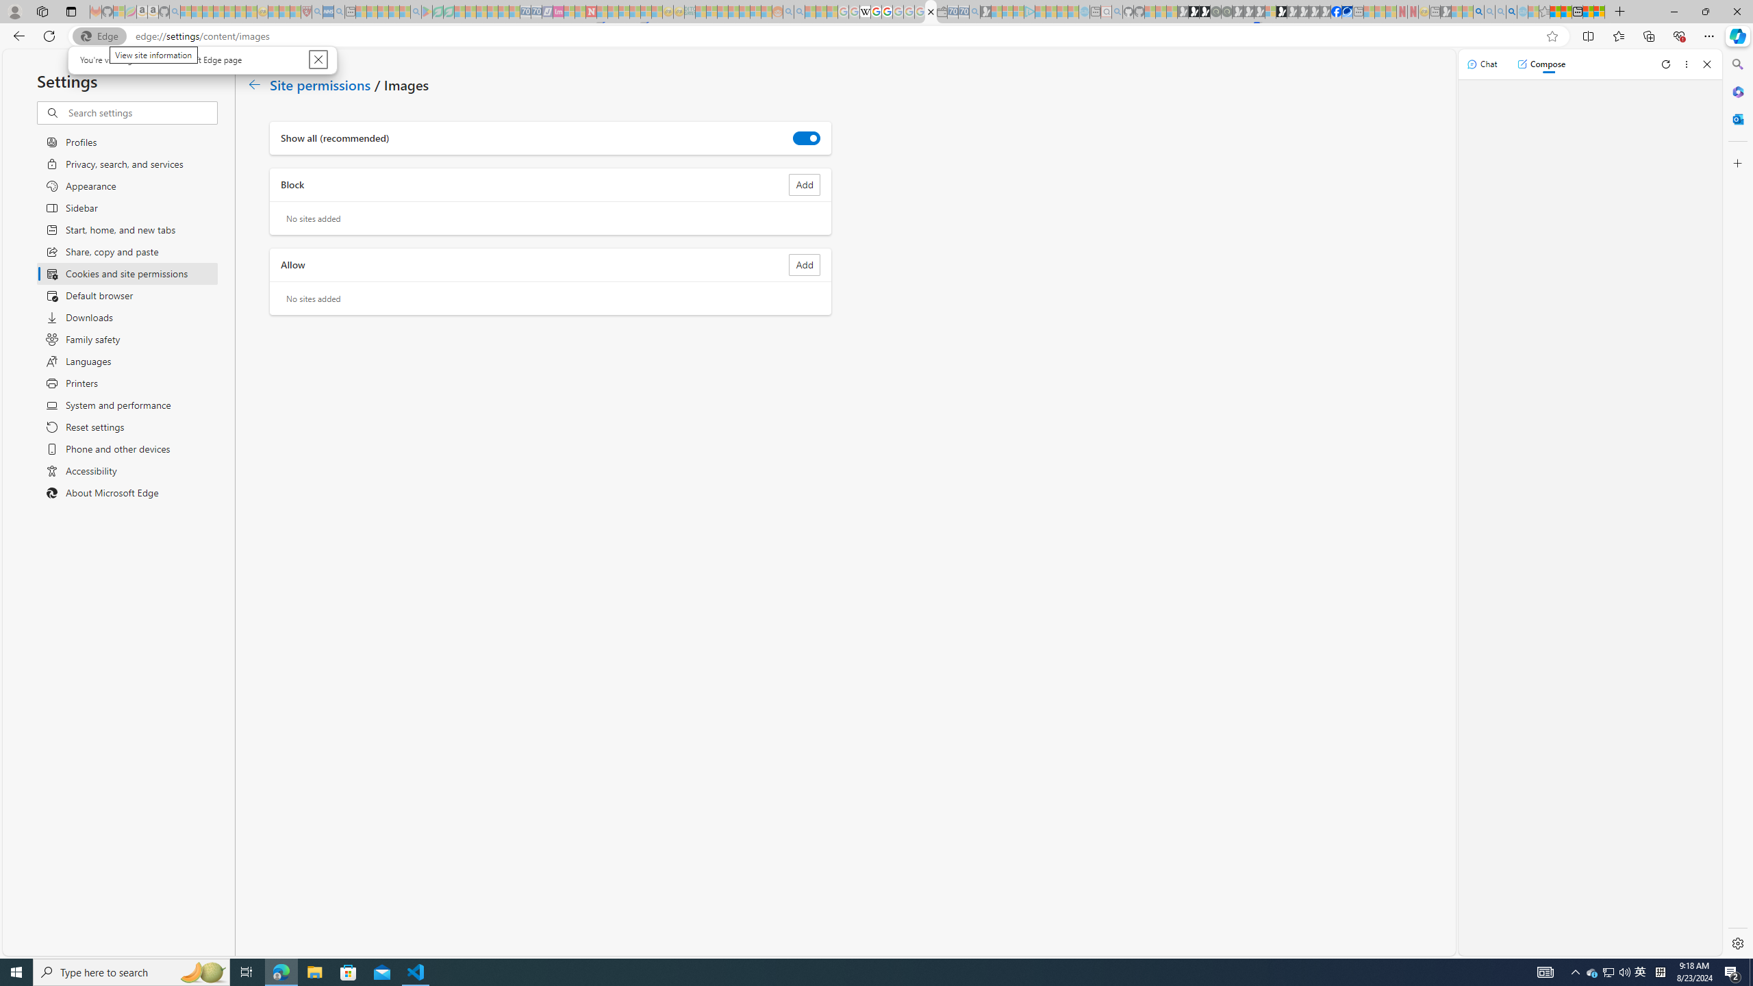  Describe the element at coordinates (1444, 11) in the screenshot. I see `'MSN - Sleeping'` at that location.